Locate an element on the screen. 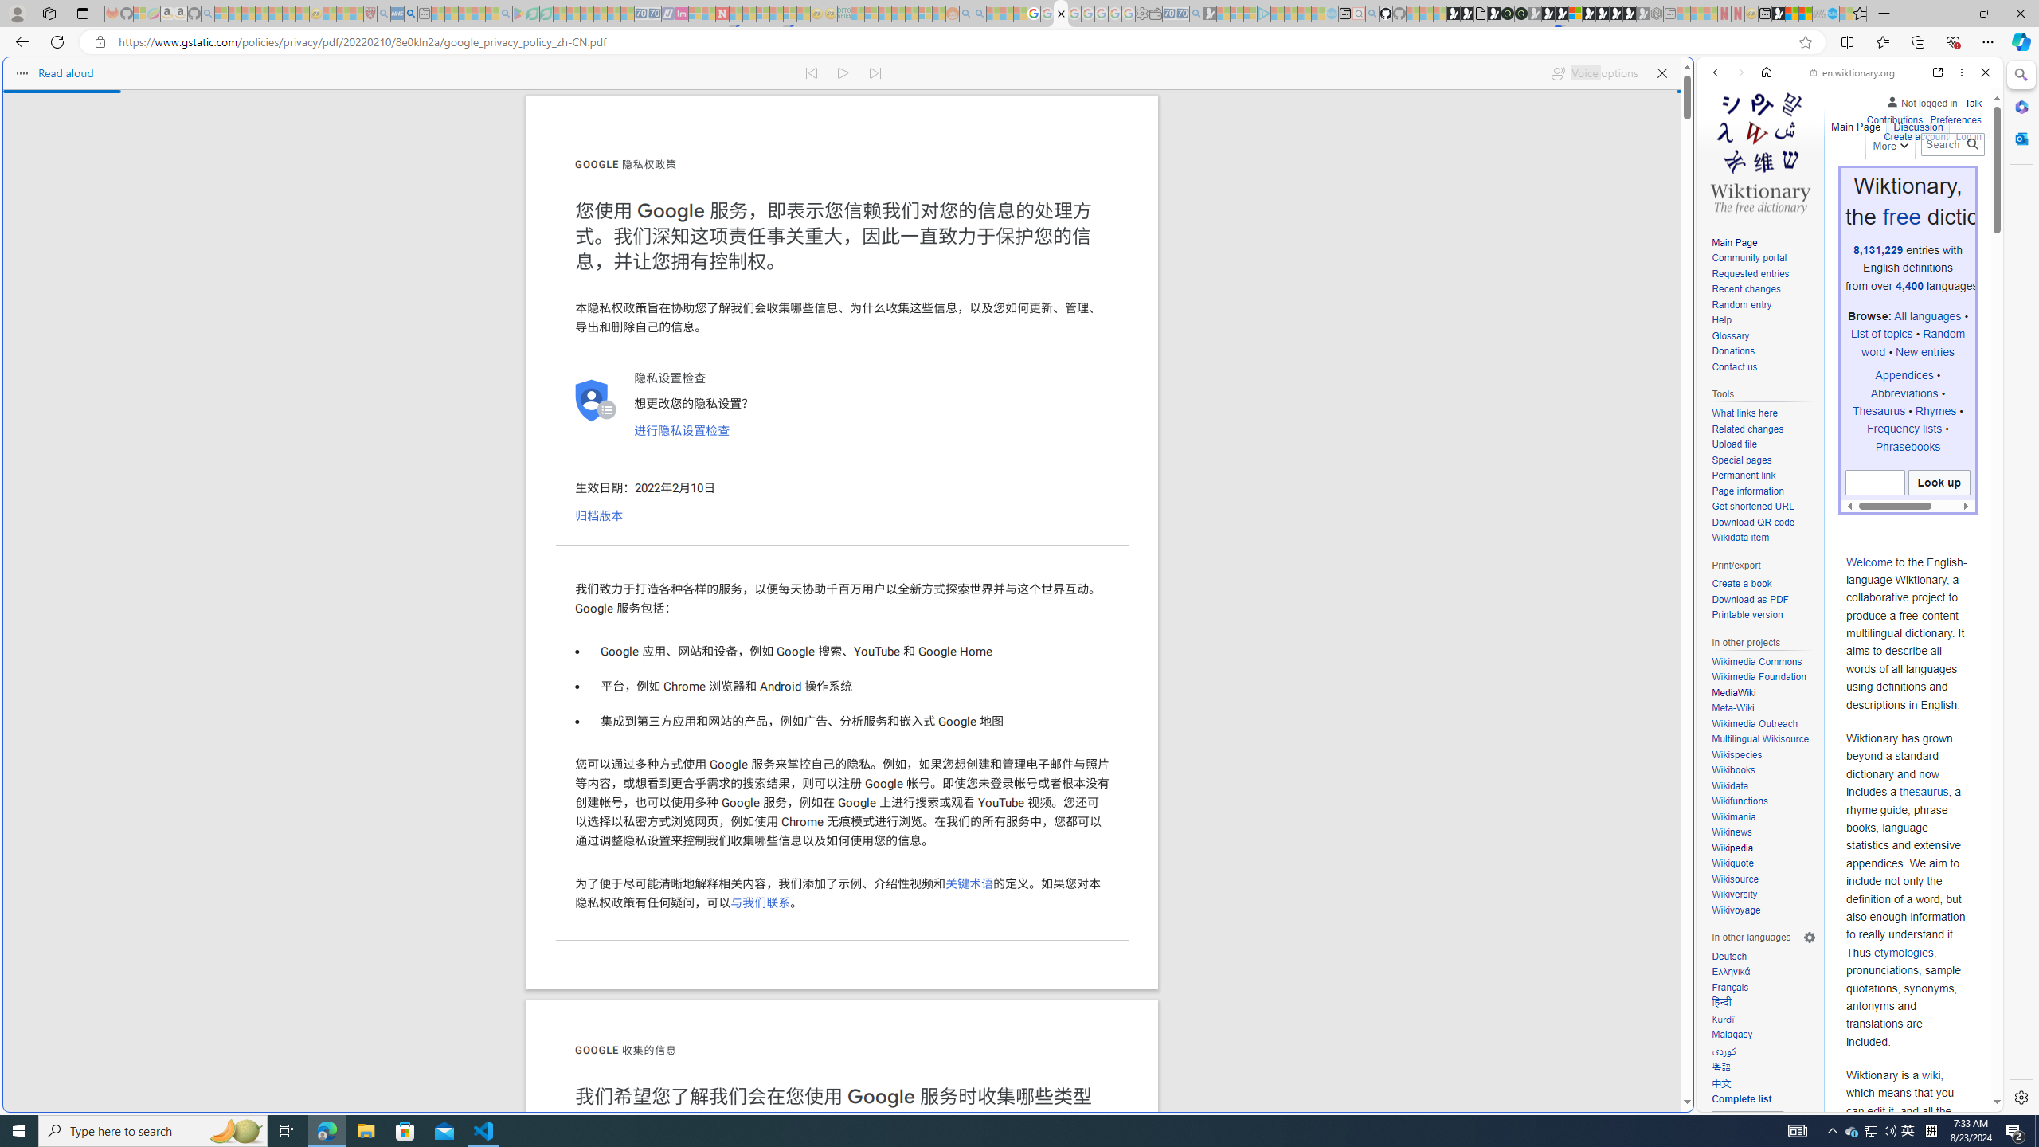 The image size is (2039, 1147). 'Meta-Wiki' is located at coordinates (1733, 707).